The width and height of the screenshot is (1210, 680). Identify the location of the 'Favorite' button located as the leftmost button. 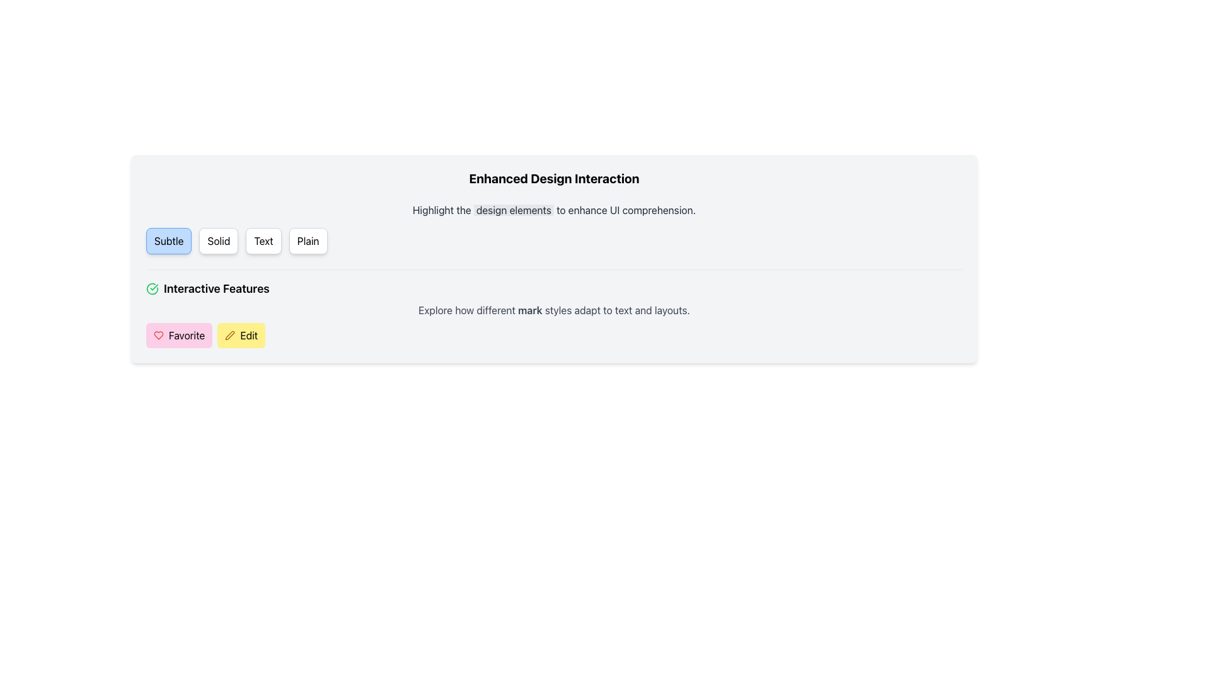
(178, 334).